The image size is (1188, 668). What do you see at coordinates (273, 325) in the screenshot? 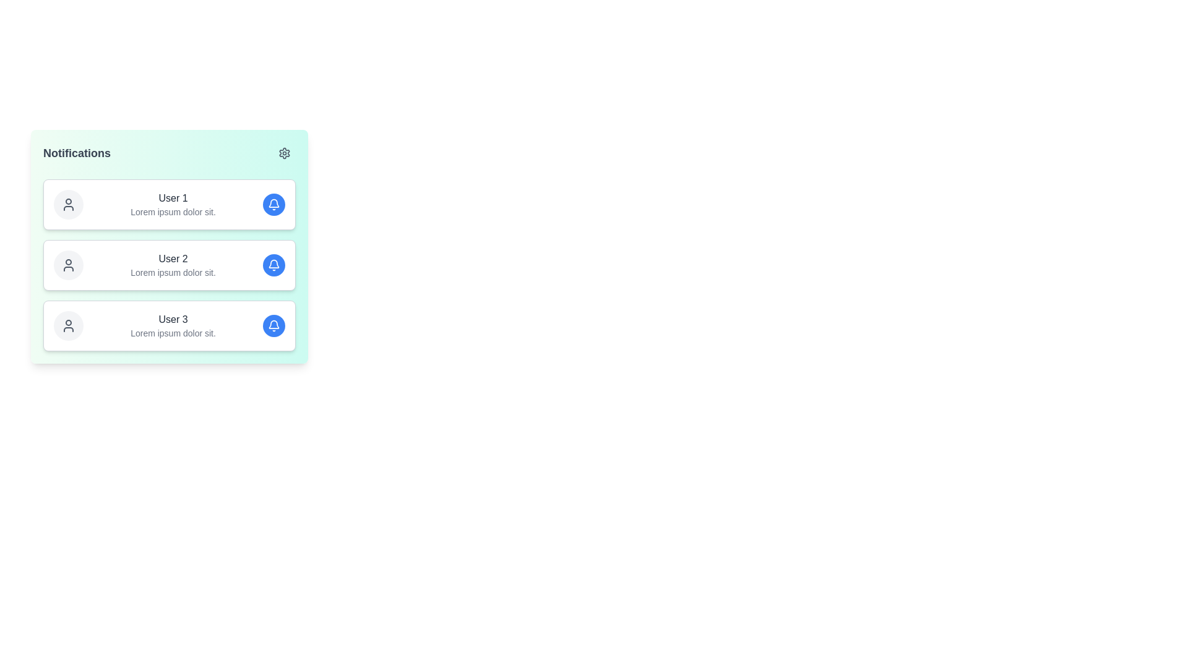
I see `the circular blue button with a bell icon` at bounding box center [273, 325].